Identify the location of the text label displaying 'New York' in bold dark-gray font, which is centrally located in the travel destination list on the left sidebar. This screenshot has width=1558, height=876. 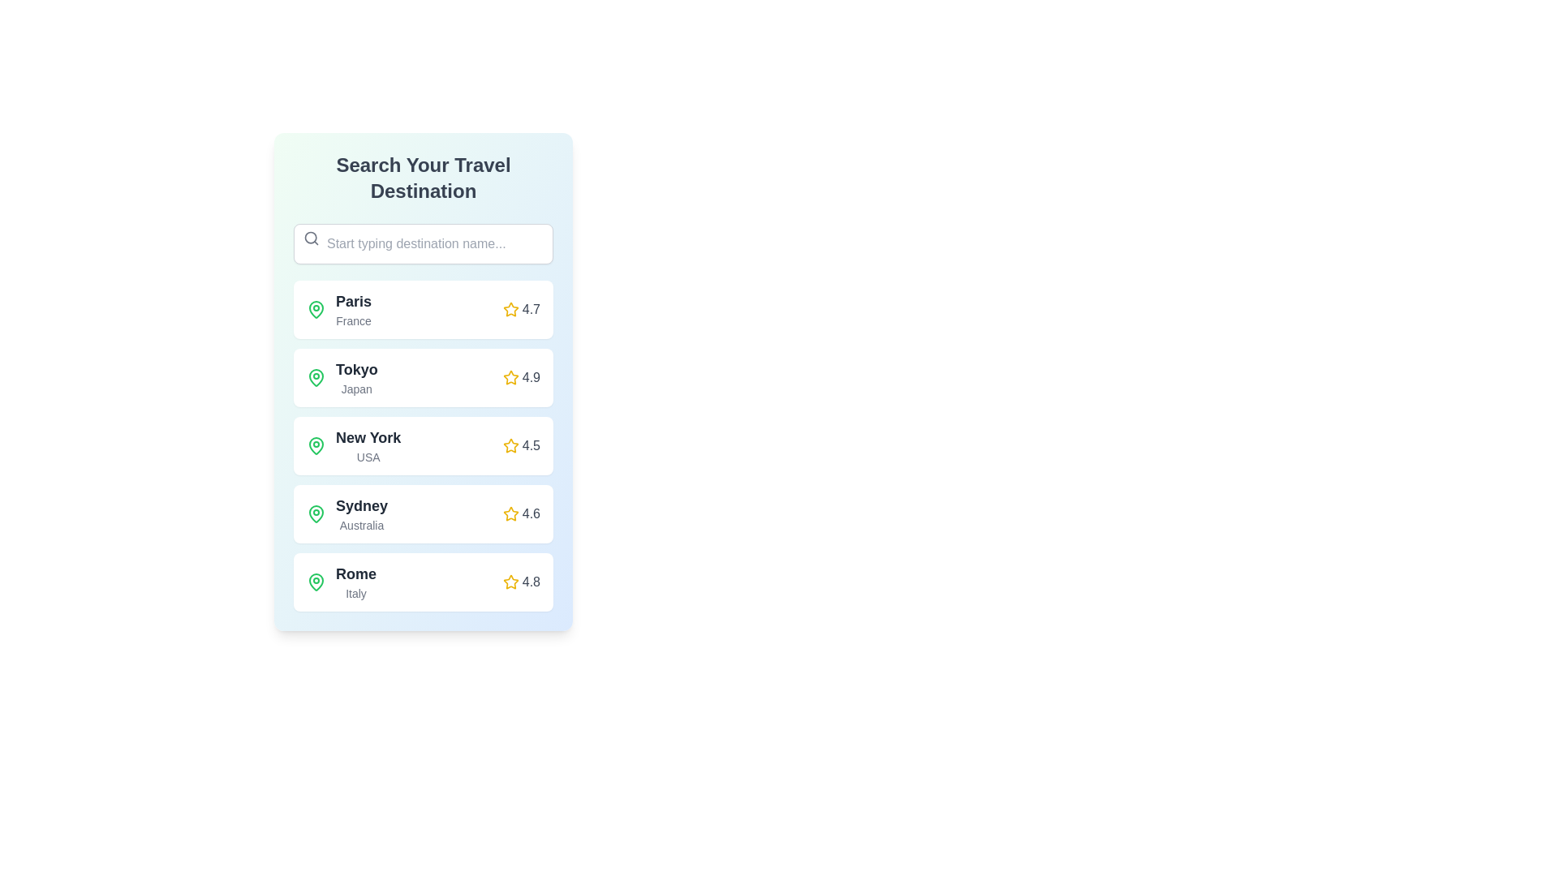
(368, 438).